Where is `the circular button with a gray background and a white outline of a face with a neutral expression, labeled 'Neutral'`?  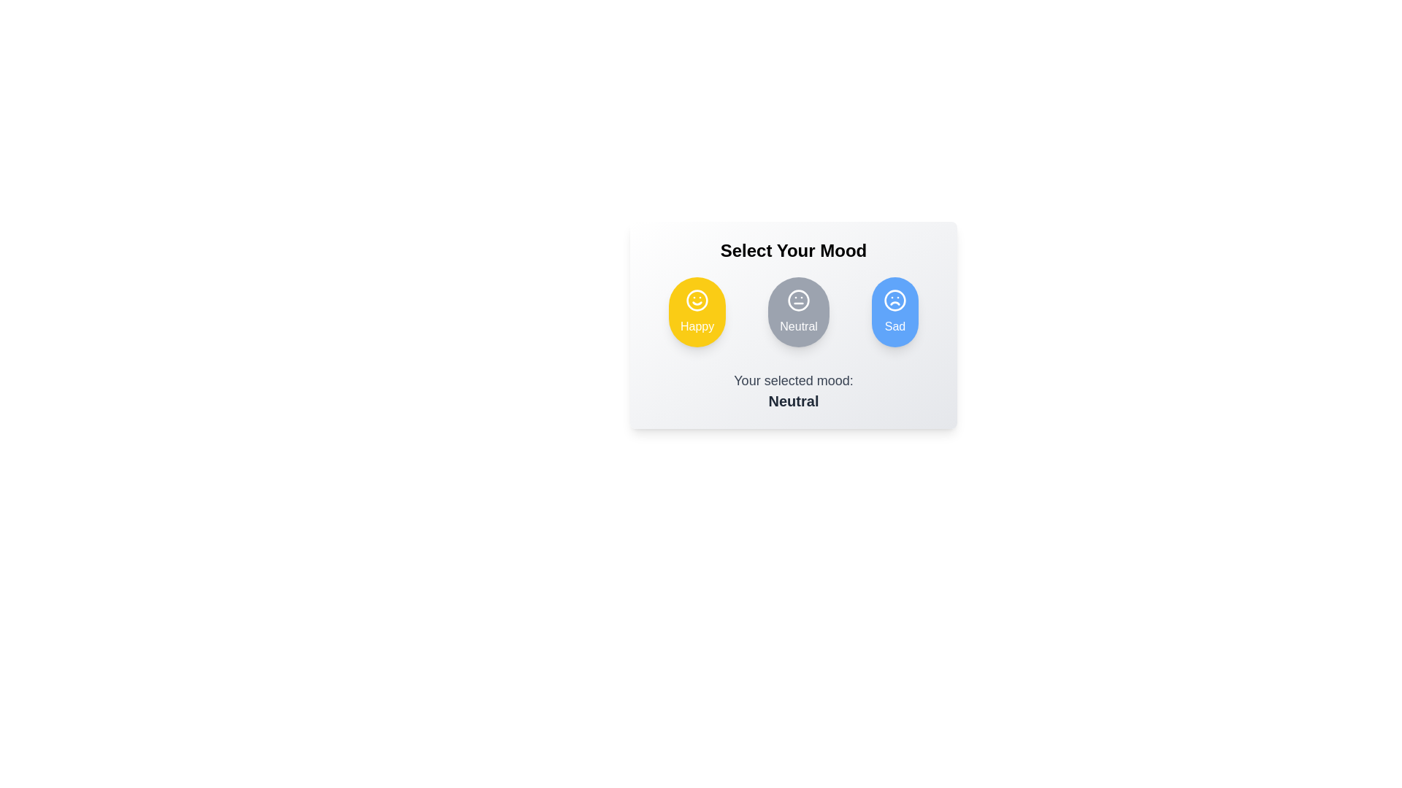
the circular button with a gray background and a white outline of a face with a neutral expression, labeled 'Neutral' is located at coordinates (798, 312).